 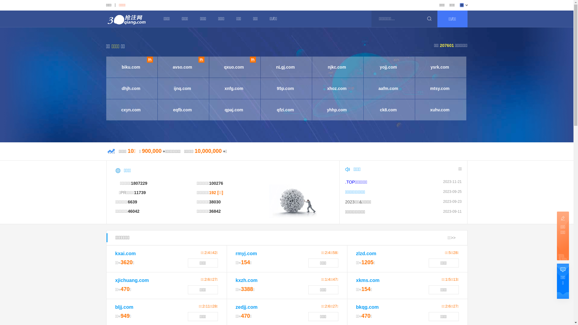 What do you see at coordinates (440, 88) in the screenshot?
I see `'mtsy.com'` at bounding box center [440, 88].